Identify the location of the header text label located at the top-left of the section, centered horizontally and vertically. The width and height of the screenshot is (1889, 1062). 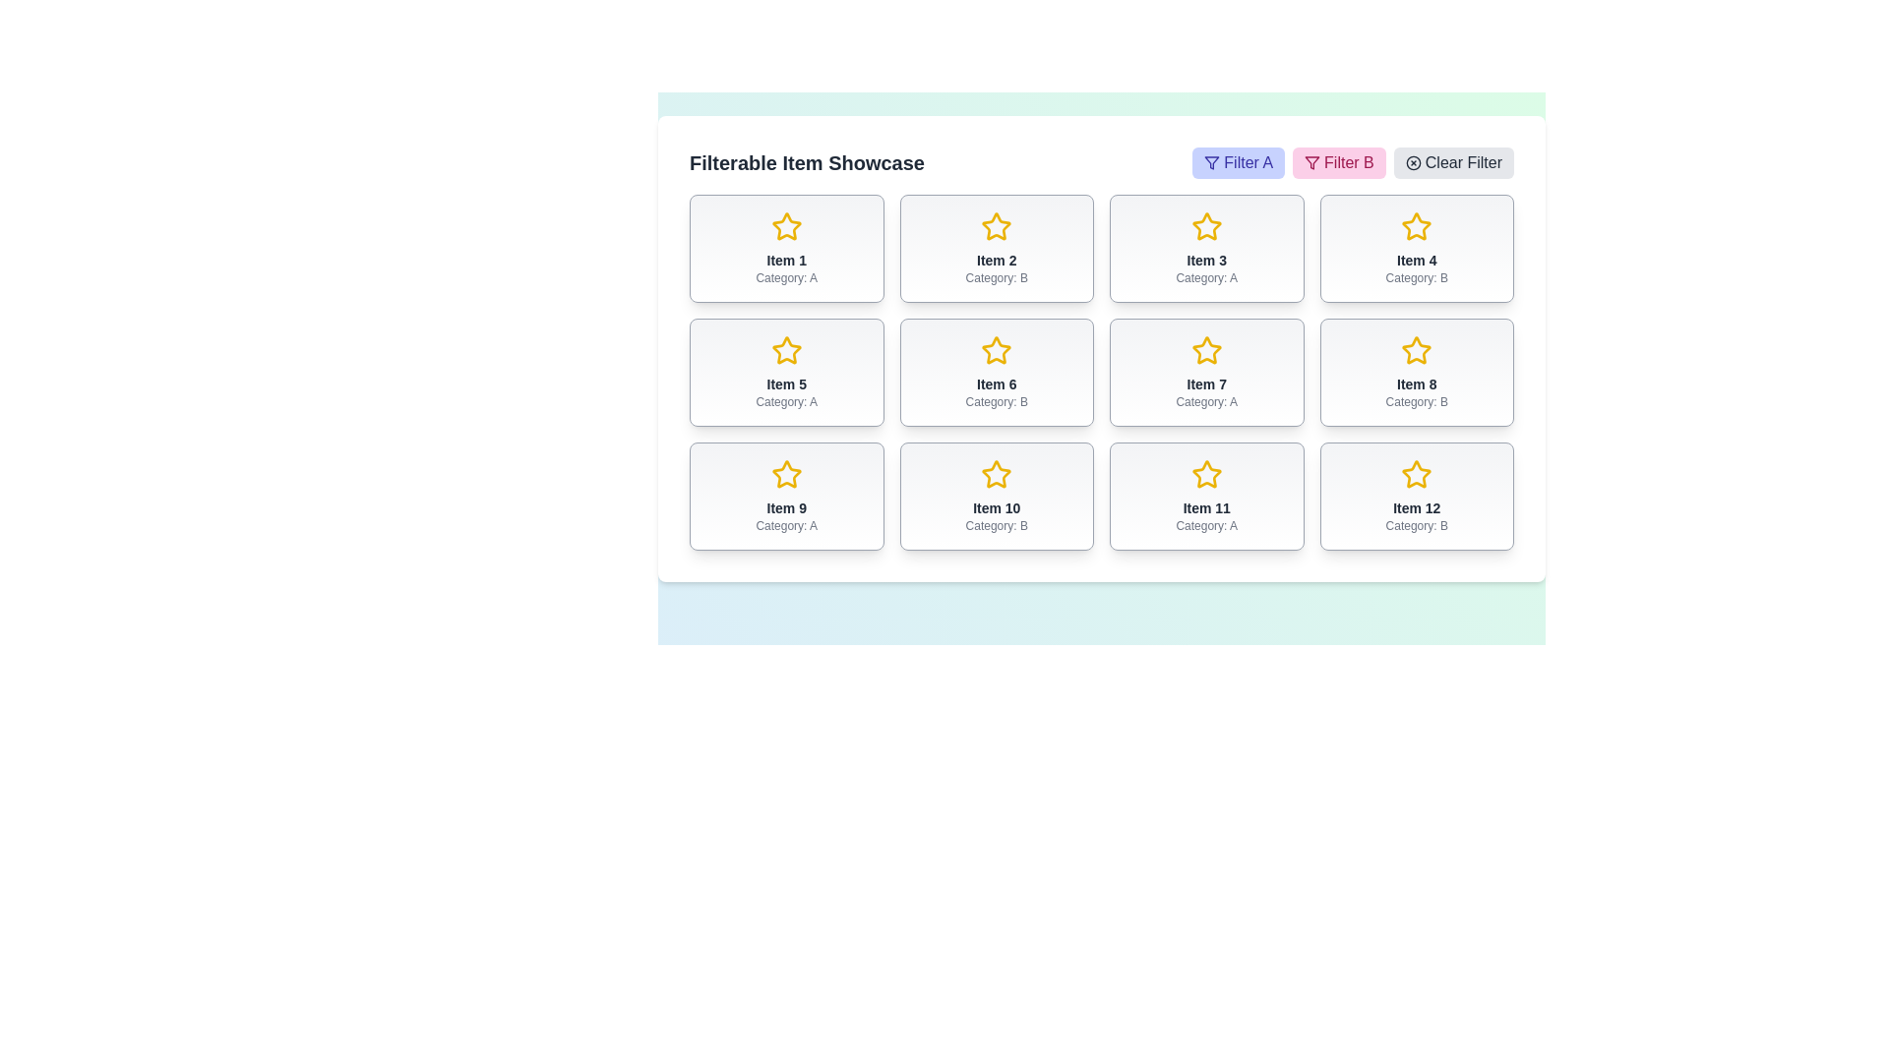
(807, 161).